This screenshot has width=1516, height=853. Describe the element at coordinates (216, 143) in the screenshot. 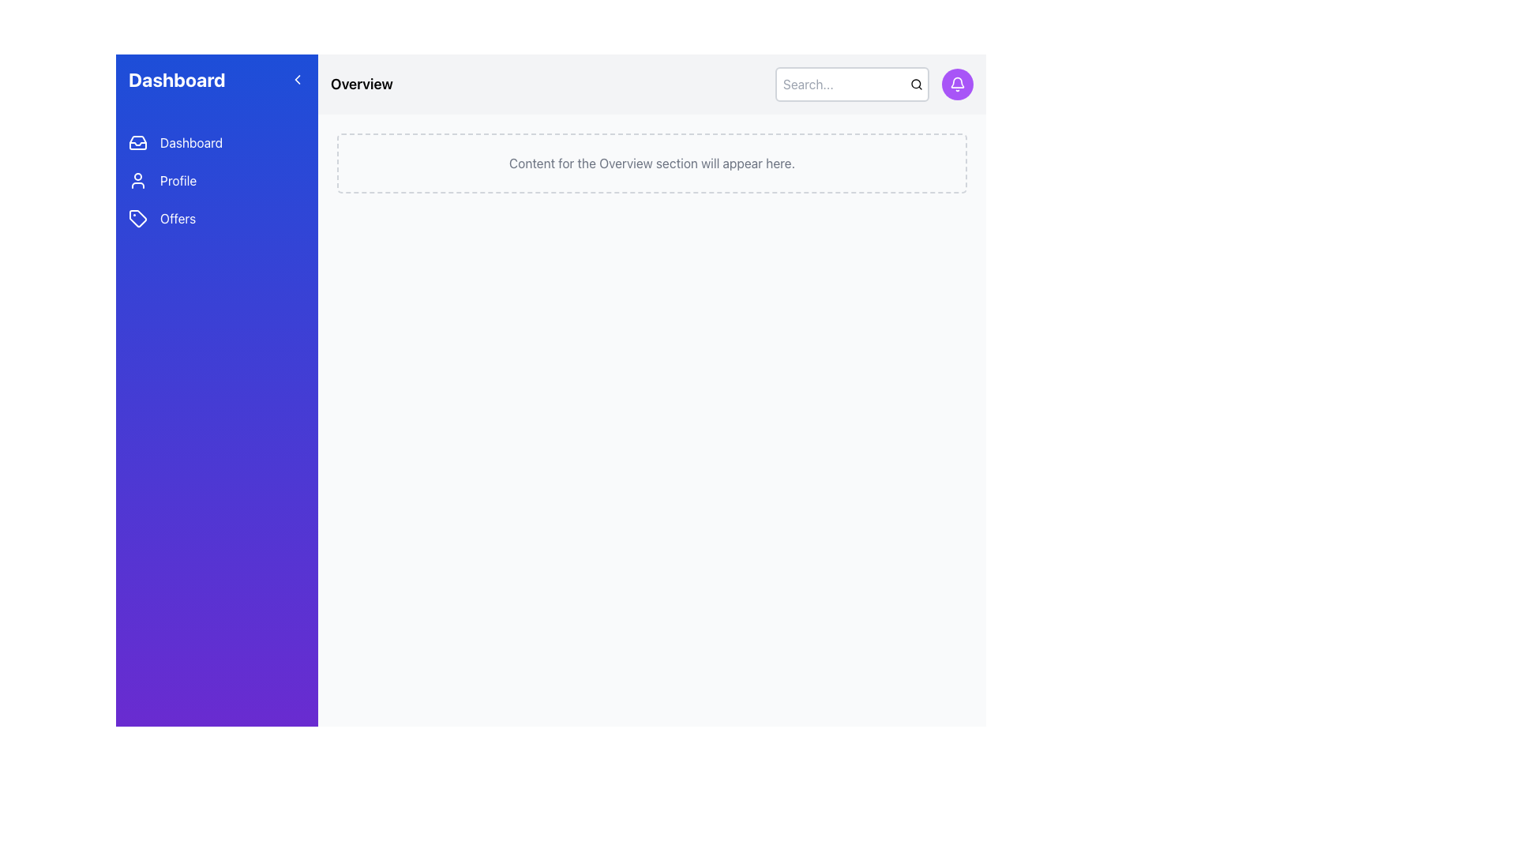

I see `the 'Dashboard' button located in the vertical menu of the left sidebar` at that location.